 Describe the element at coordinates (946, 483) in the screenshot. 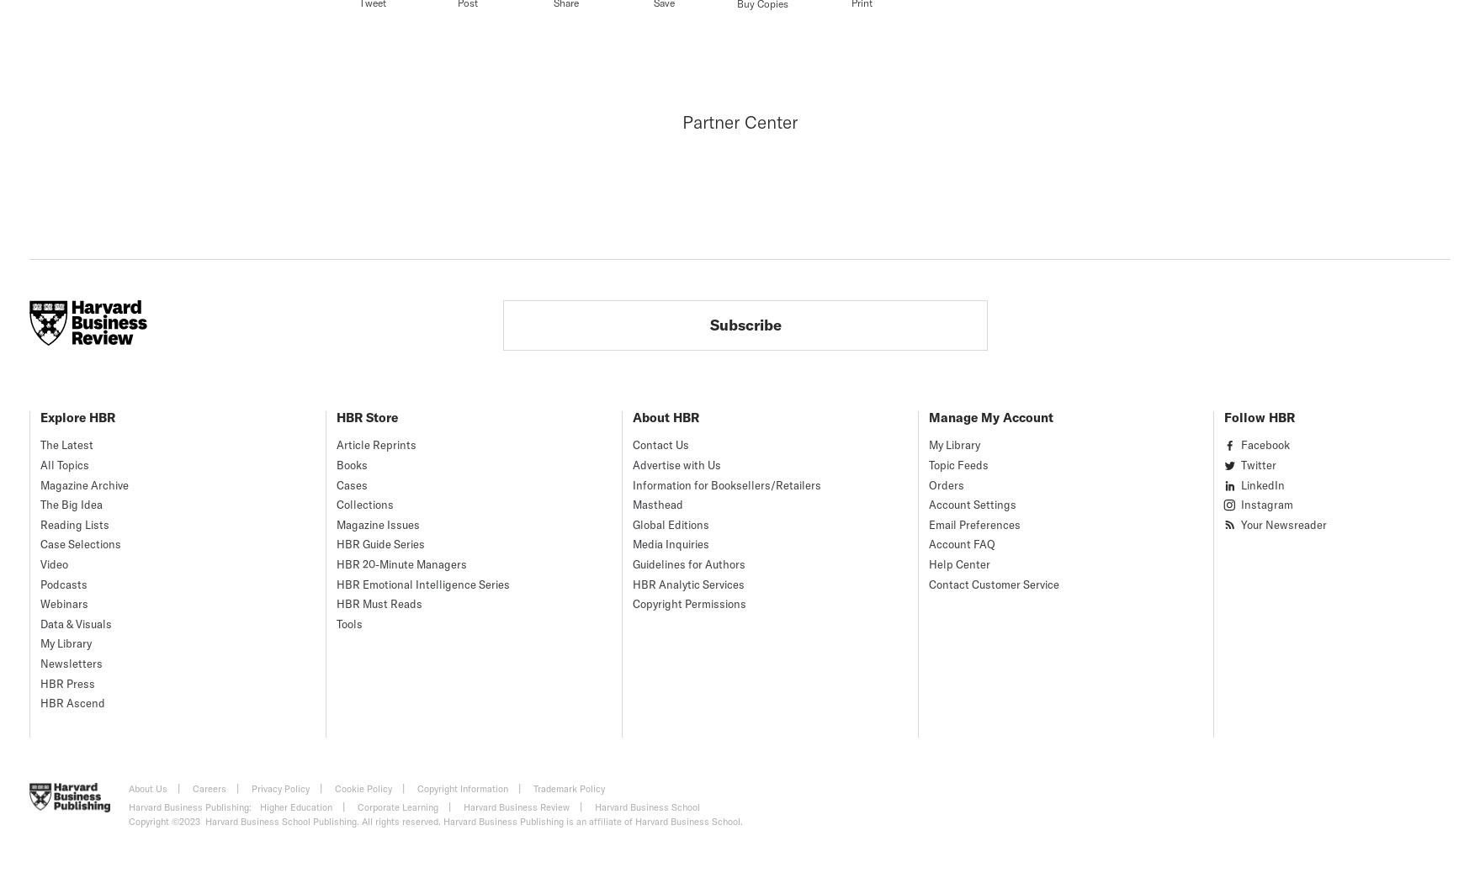

I see `'Orders'` at that location.